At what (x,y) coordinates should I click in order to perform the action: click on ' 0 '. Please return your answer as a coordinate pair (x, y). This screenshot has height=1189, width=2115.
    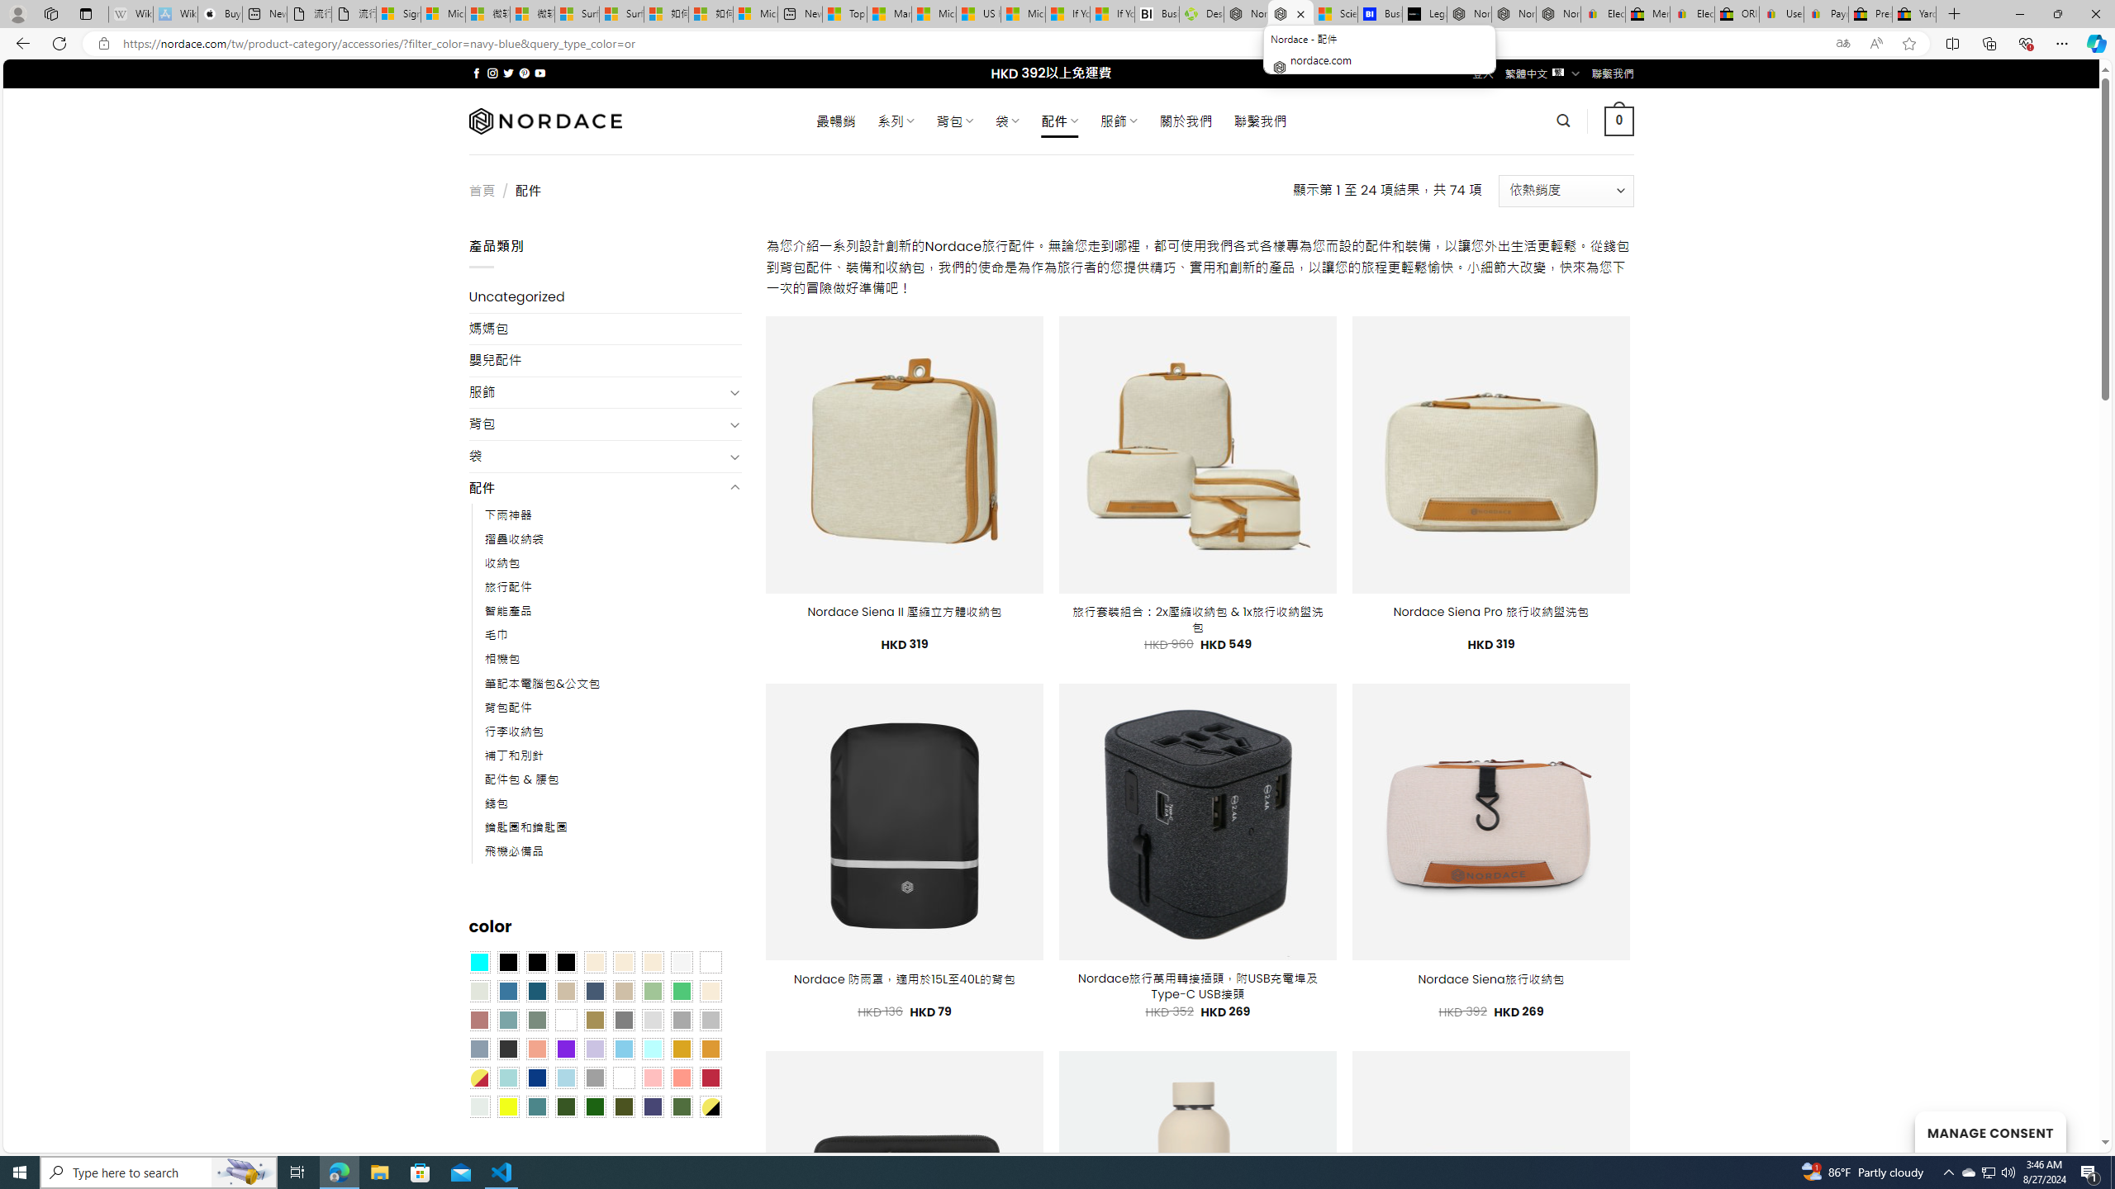
    Looking at the image, I should click on (1619, 120).